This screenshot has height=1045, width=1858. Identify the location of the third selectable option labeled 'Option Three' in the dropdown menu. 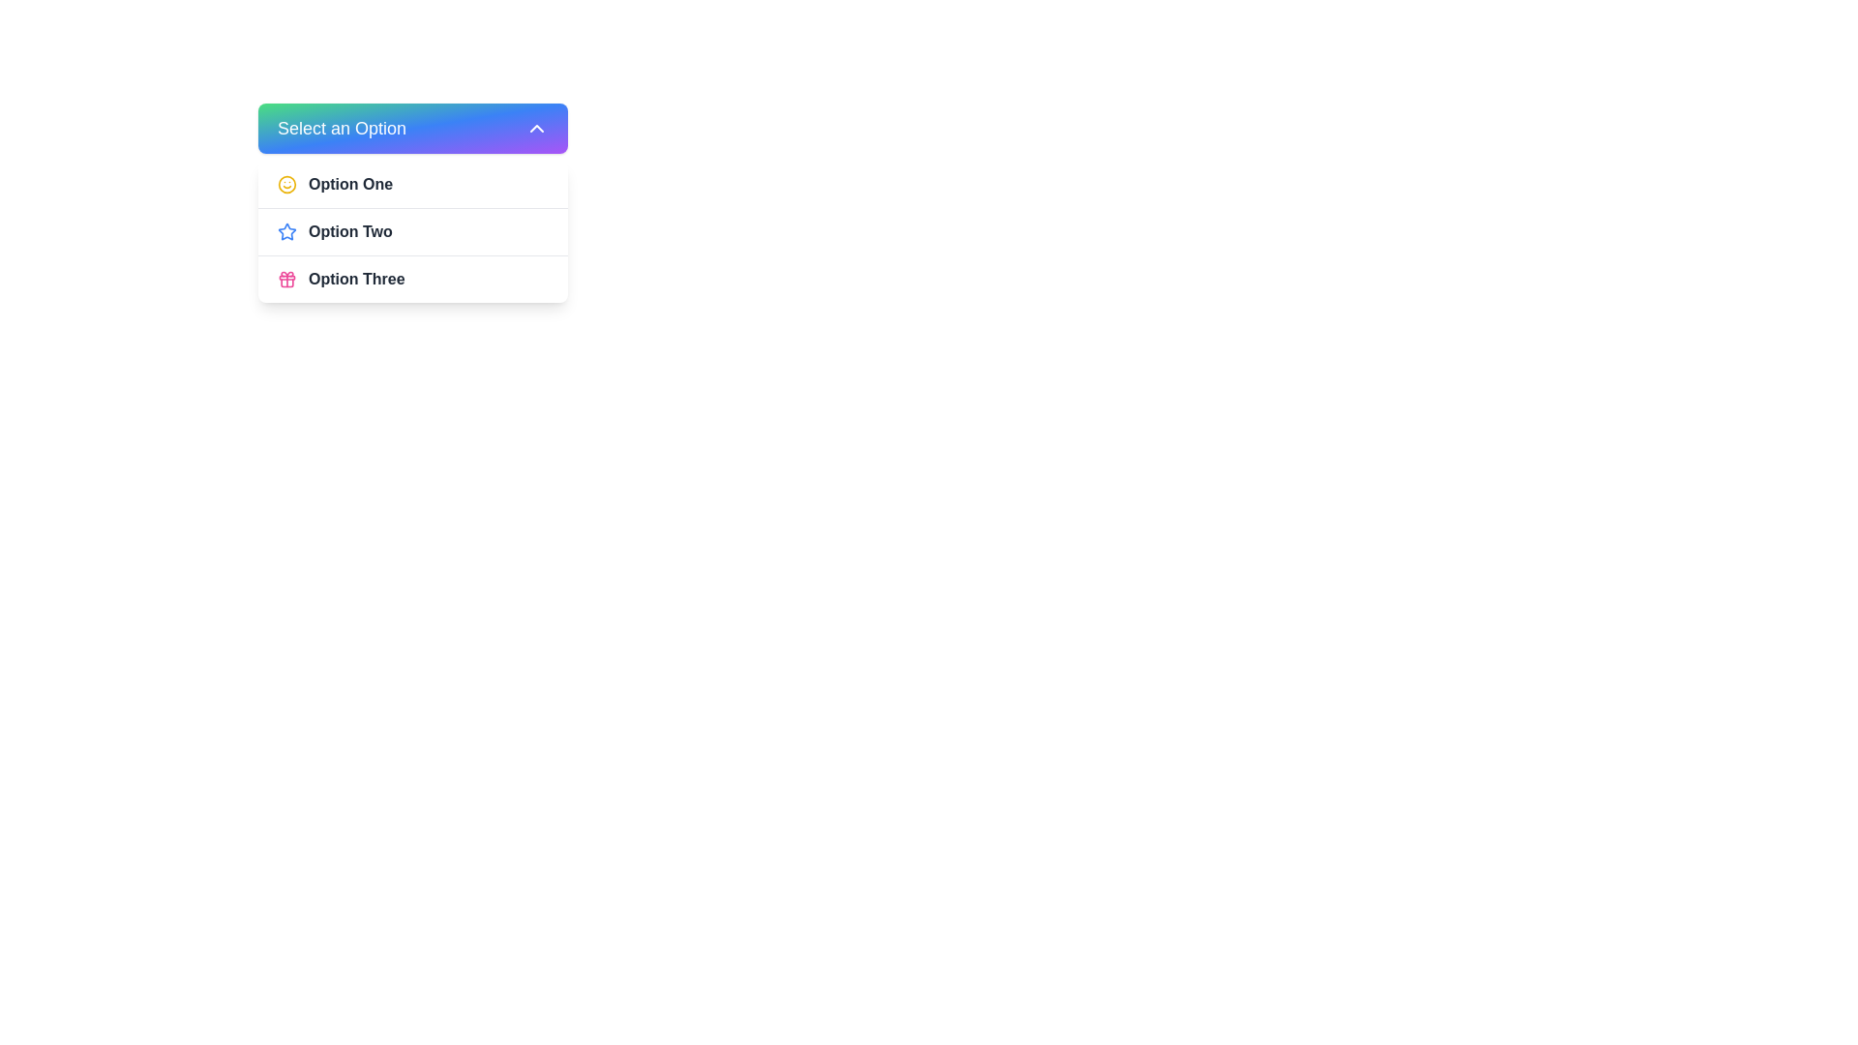
(412, 279).